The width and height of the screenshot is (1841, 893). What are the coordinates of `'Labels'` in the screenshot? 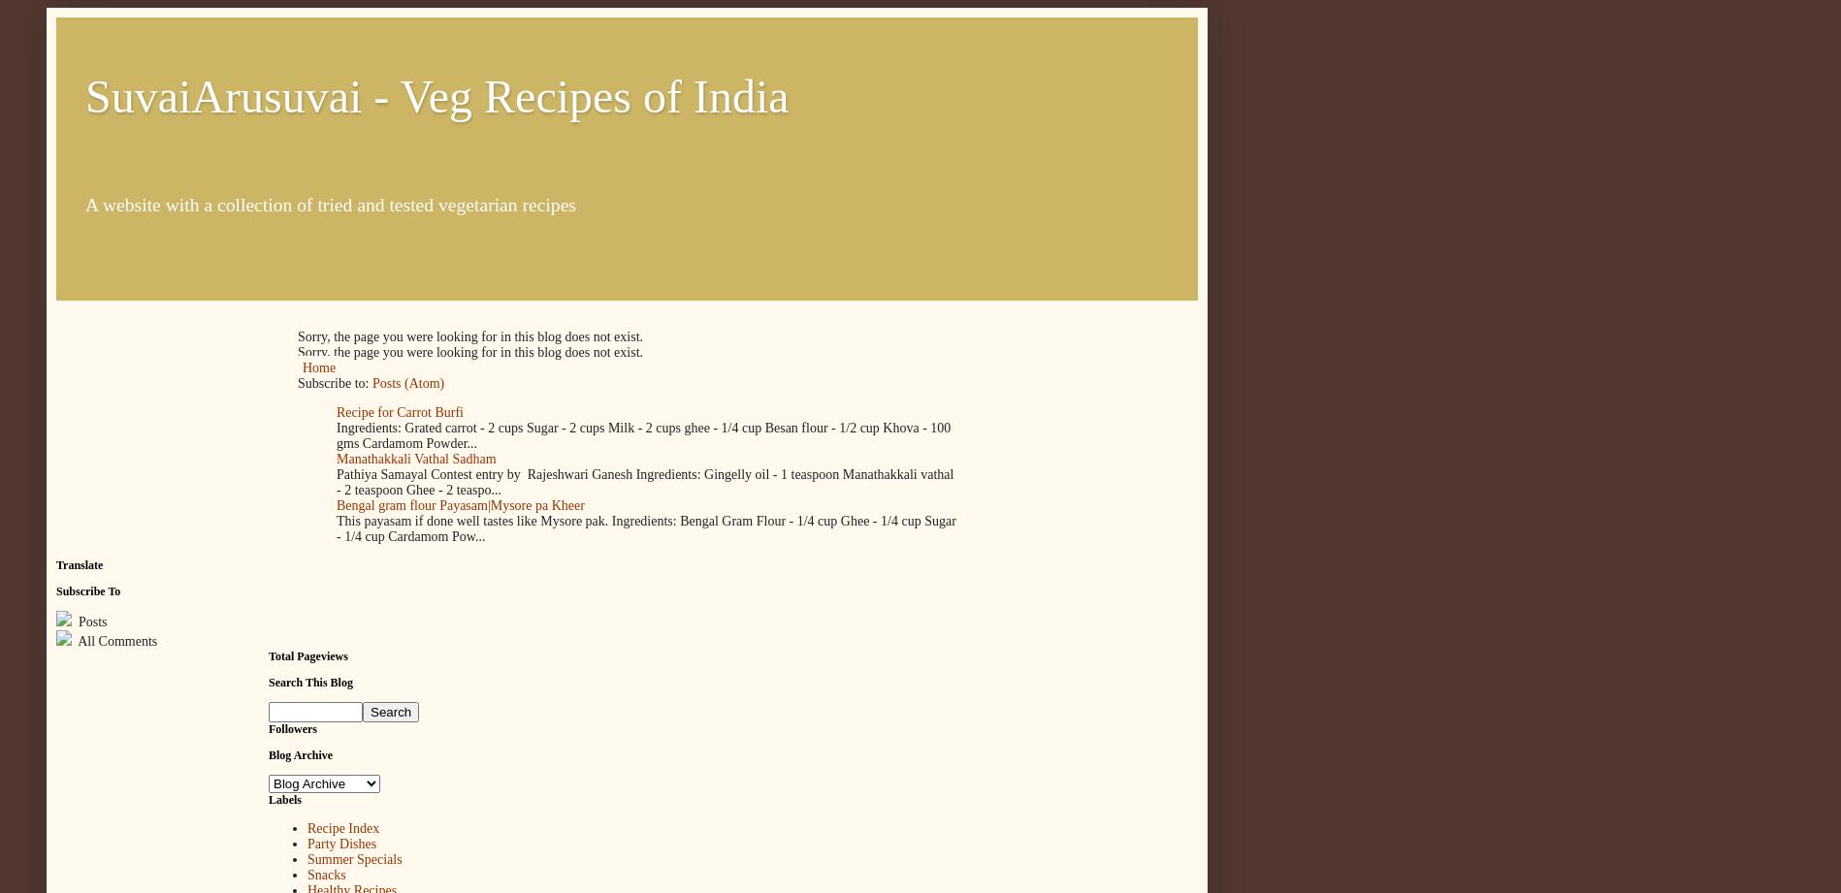 It's located at (284, 799).